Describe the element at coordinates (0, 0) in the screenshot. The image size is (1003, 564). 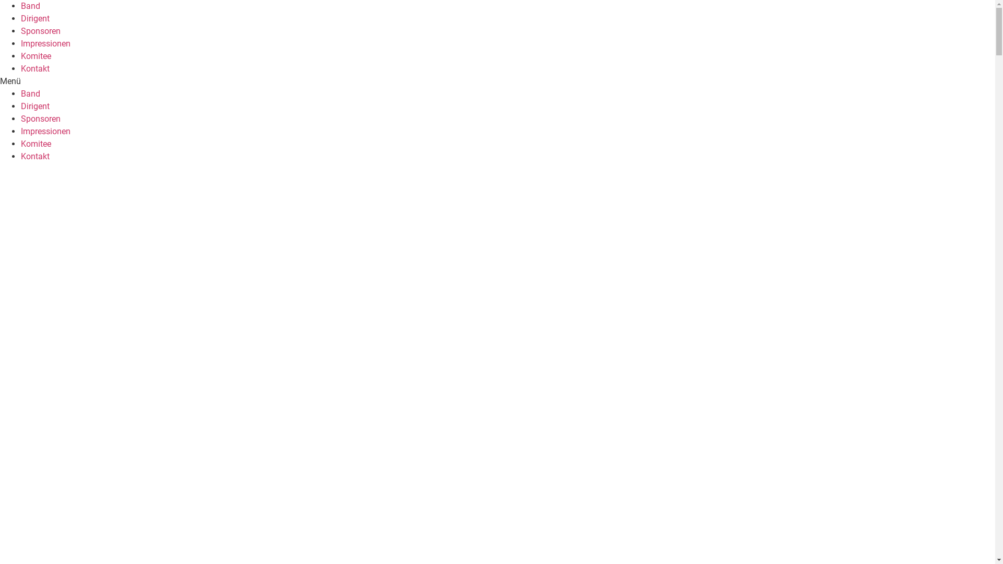
I see `'Zum Inhalt wechseln'` at that location.